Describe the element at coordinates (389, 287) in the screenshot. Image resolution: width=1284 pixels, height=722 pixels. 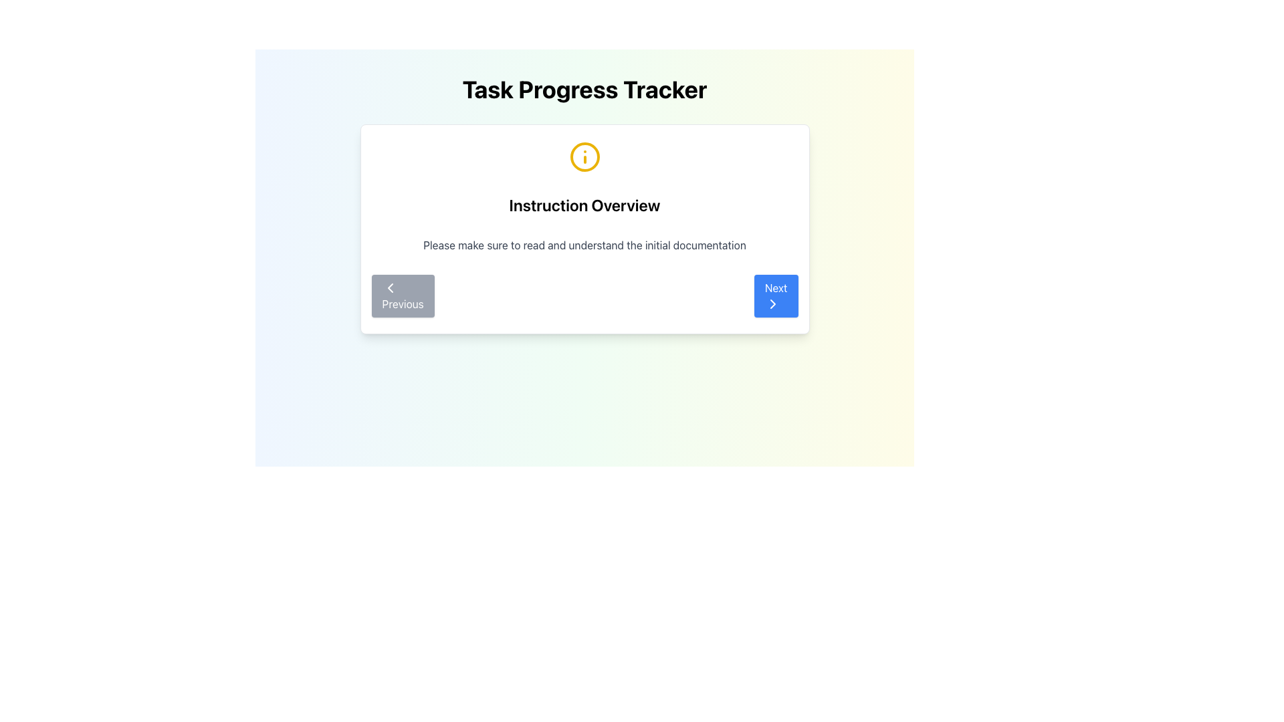
I see `the chevron-shaped icon that is styled as a left-pointing arrow, located inside the 'Previous' button at the bottom left of the dialog box` at that location.